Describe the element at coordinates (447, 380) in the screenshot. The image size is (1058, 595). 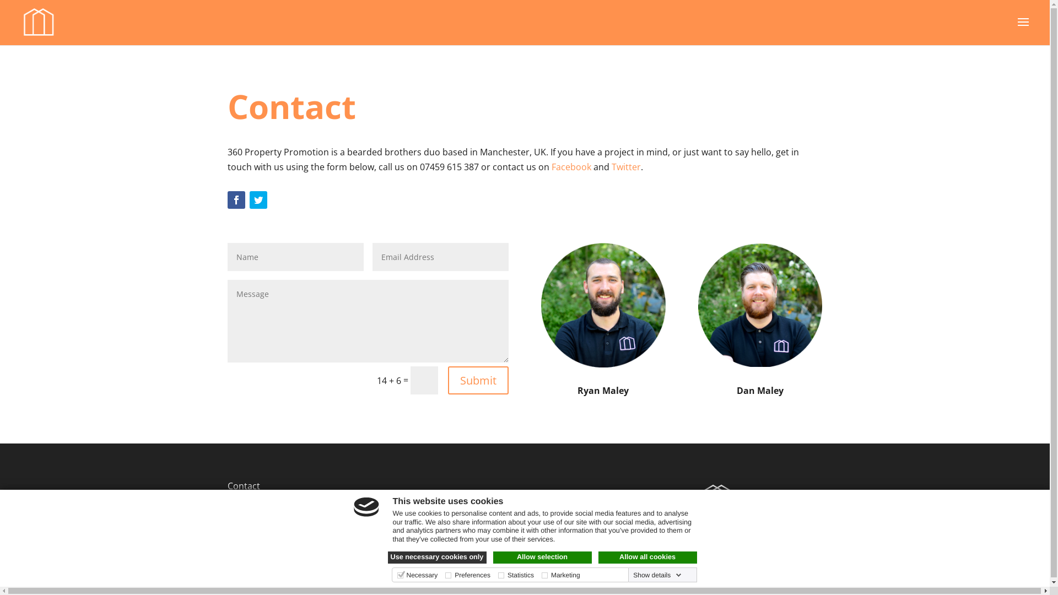
I see `'Submit'` at that location.